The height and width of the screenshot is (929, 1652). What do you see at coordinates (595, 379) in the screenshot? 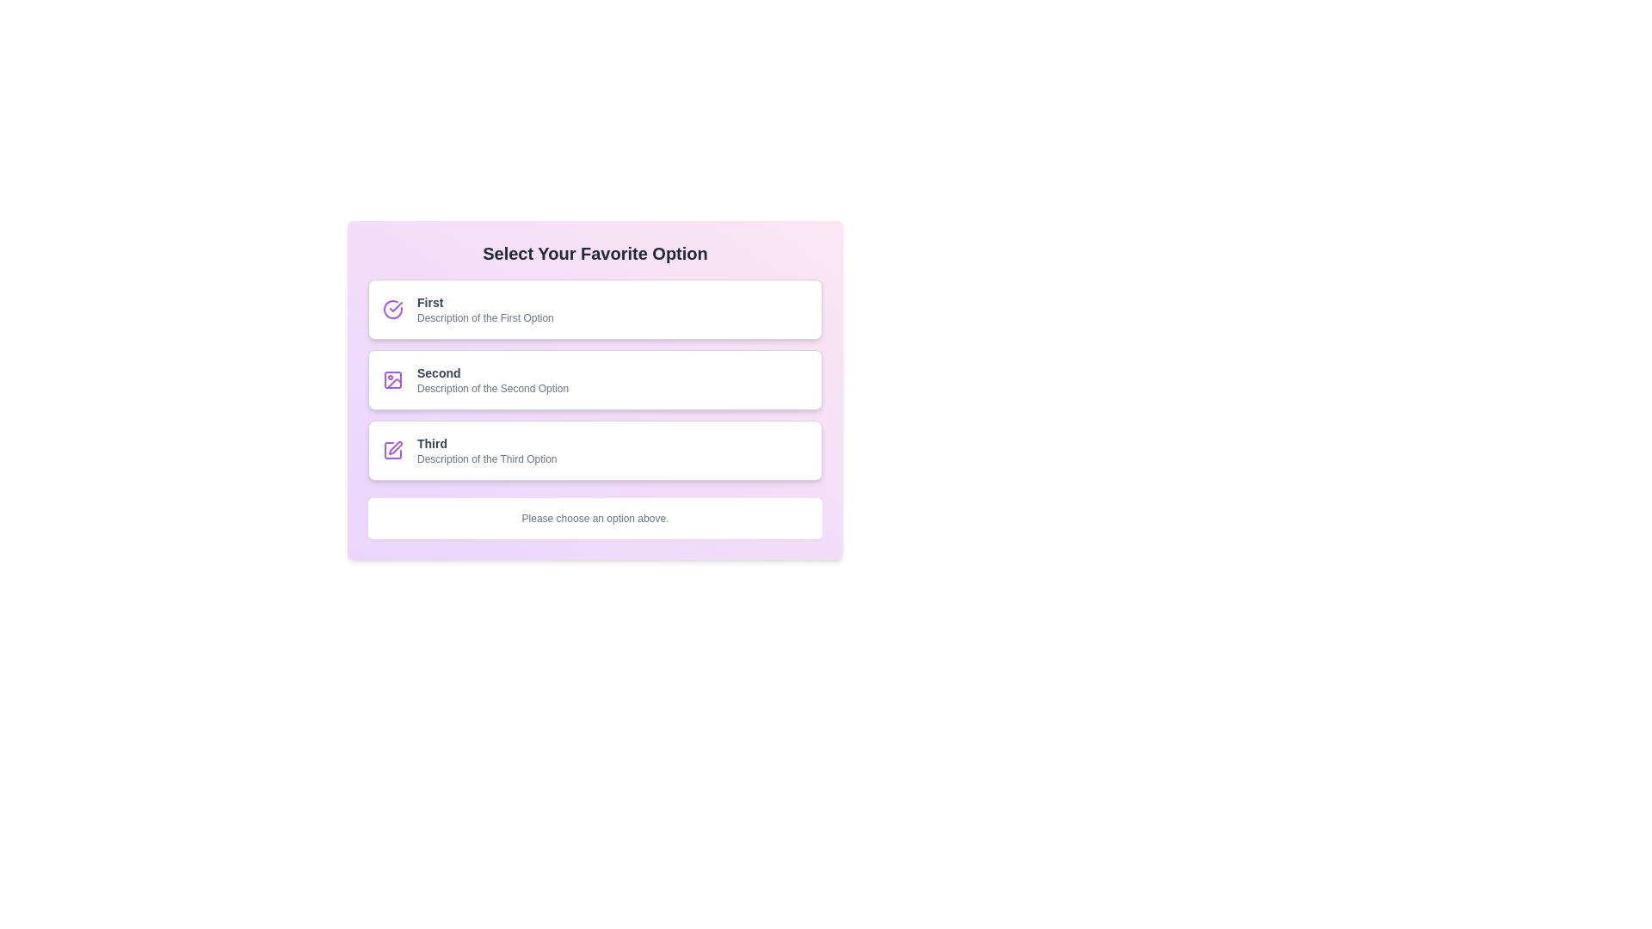
I see `the second selectable card in a vertical list of options` at bounding box center [595, 379].